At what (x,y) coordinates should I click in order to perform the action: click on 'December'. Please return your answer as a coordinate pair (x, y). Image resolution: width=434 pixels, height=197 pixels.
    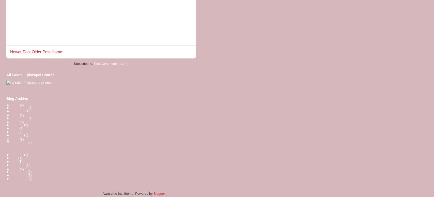
    Looking at the image, I should click on (19, 171).